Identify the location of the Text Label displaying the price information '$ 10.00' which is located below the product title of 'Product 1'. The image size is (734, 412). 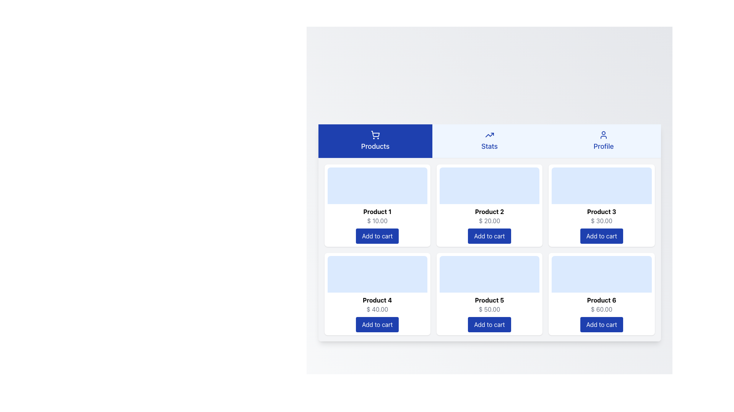
(377, 220).